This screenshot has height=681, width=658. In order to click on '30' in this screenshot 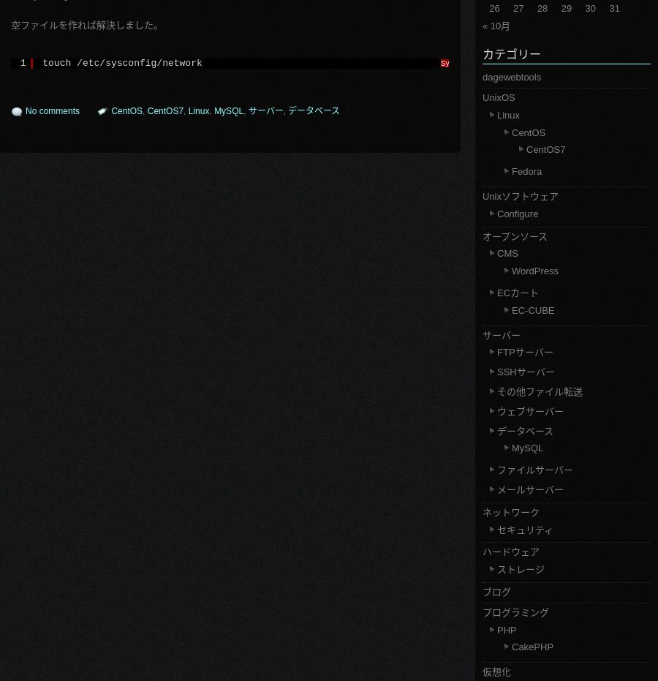, I will do `click(590, 7)`.